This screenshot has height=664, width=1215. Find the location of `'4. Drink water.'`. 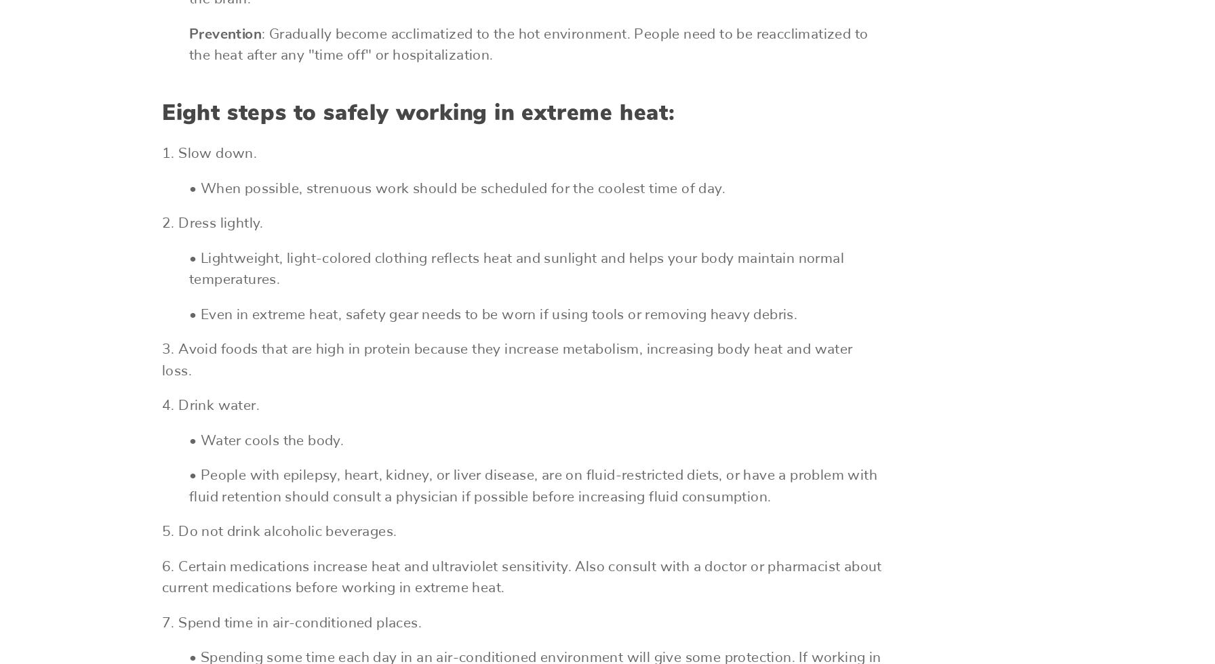

'4. Drink water.' is located at coordinates (162, 405).